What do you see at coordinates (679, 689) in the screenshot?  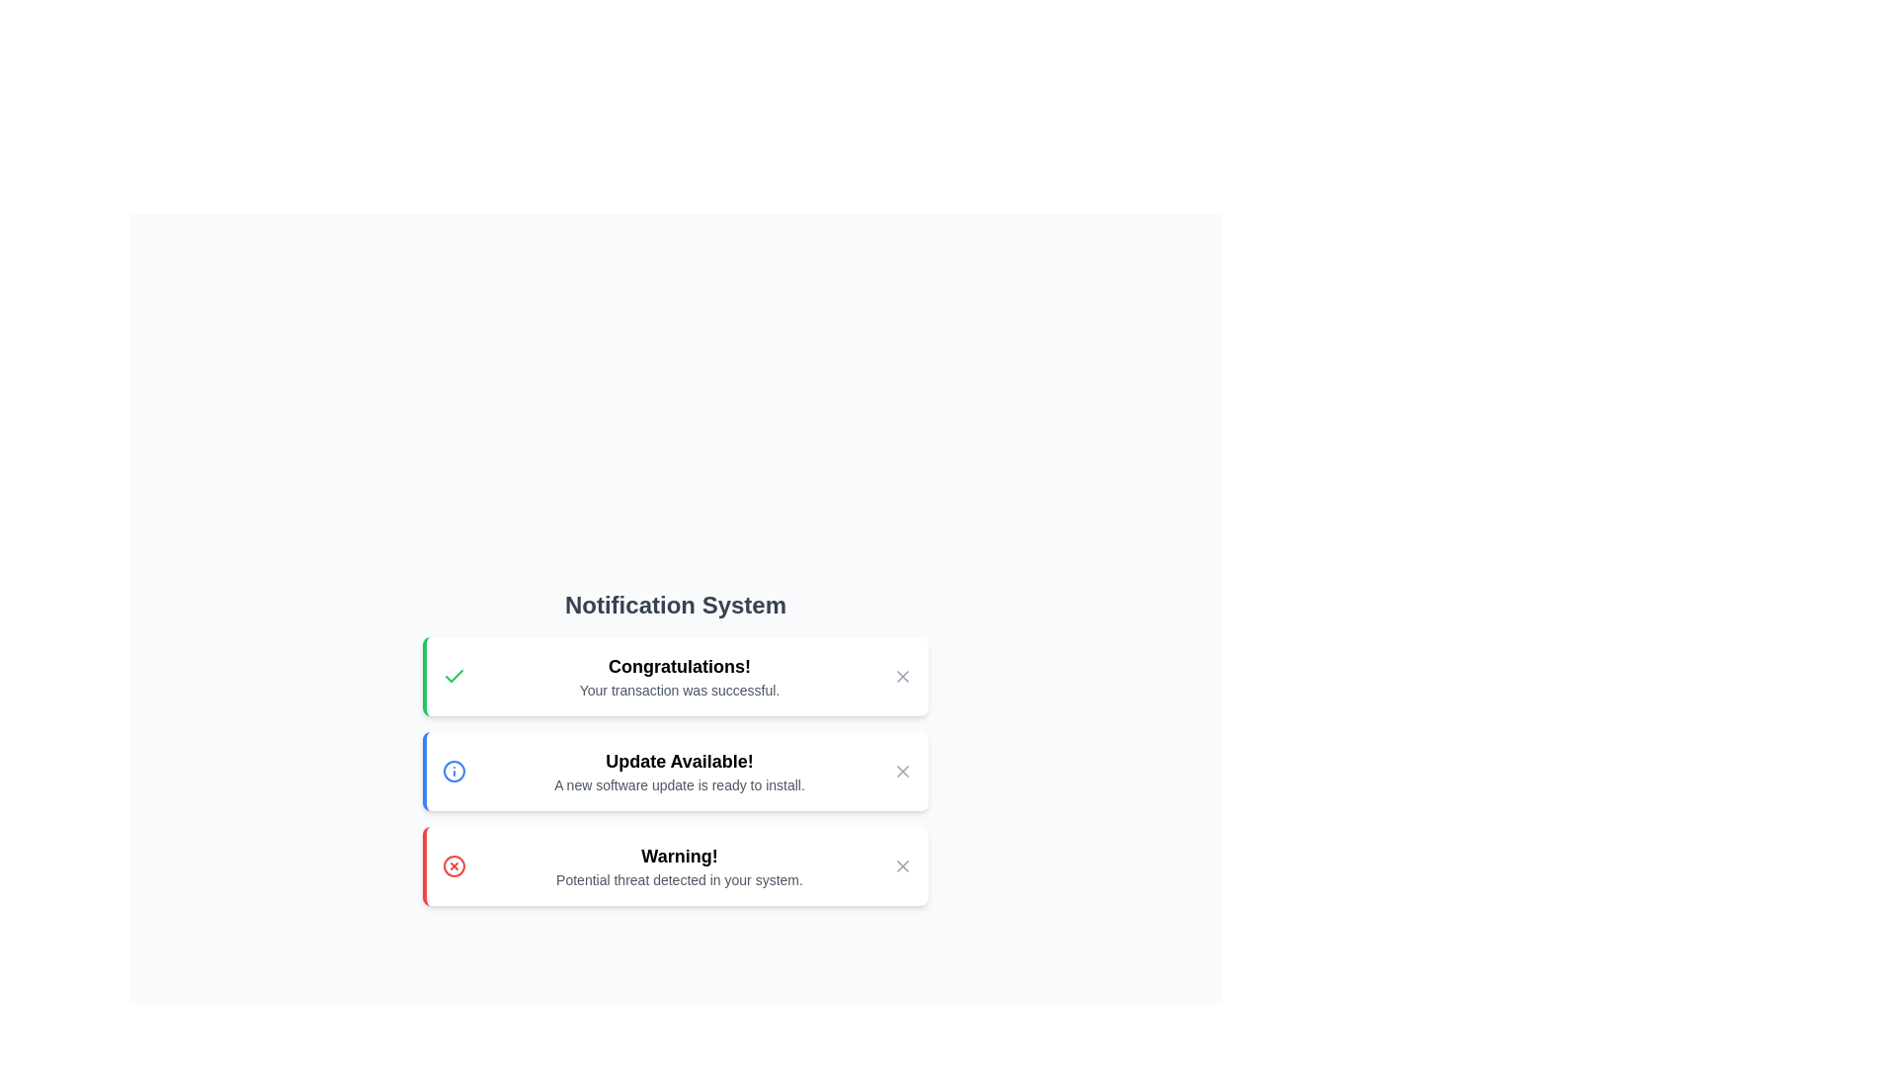 I see `the success notification text label that provides details about the transaction, located beneath the 'Congratulations!' title in the notification area` at bounding box center [679, 689].